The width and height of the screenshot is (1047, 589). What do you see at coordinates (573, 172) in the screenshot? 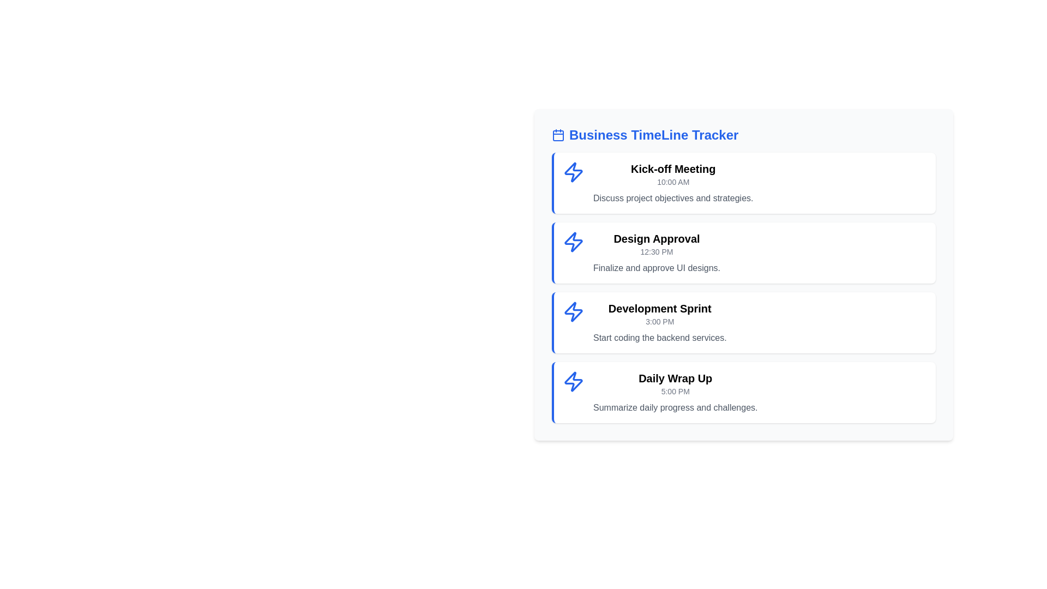
I see `the icon representing an activity or event located next to the title 'Kick-off Meeting' in the vertical list of activities` at bounding box center [573, 172].